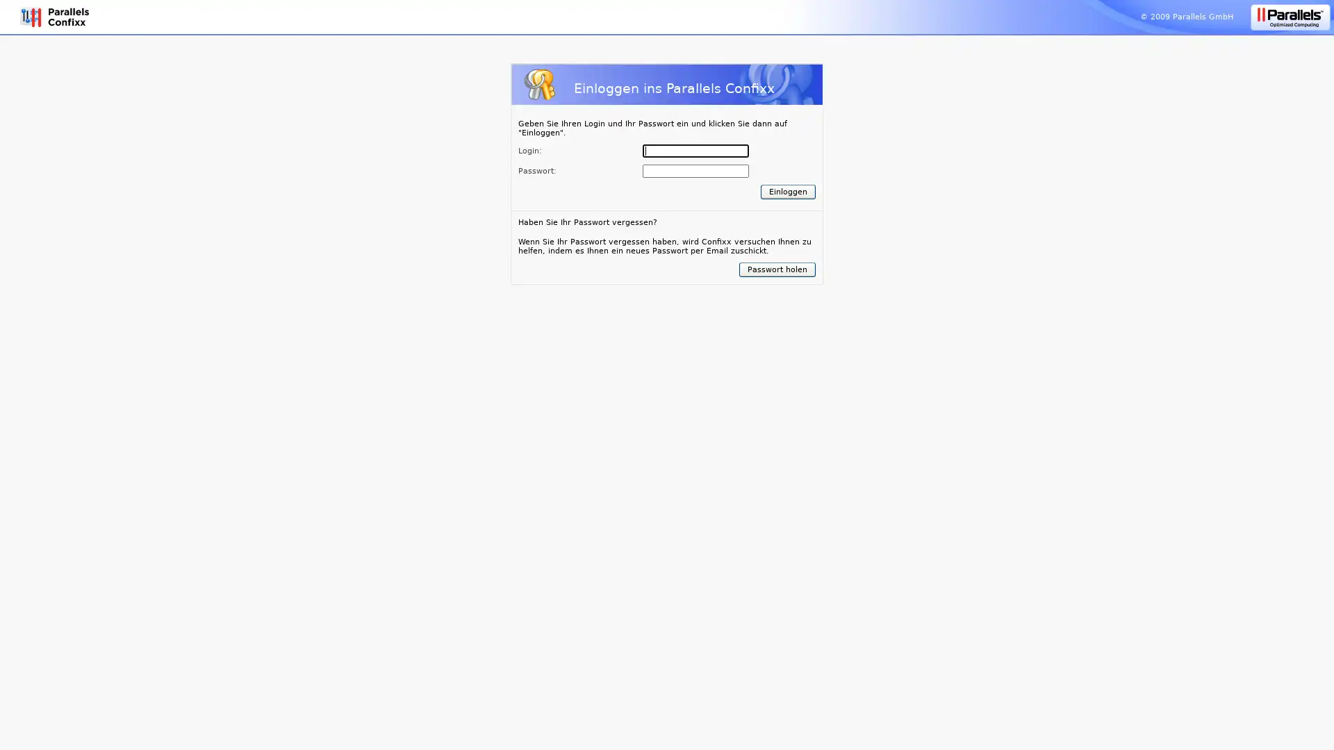 The width and height of the screenshot is (1334, 750). Describe the element at coordinates (811, 192) in the screenshot. I see `Submit` at that location.